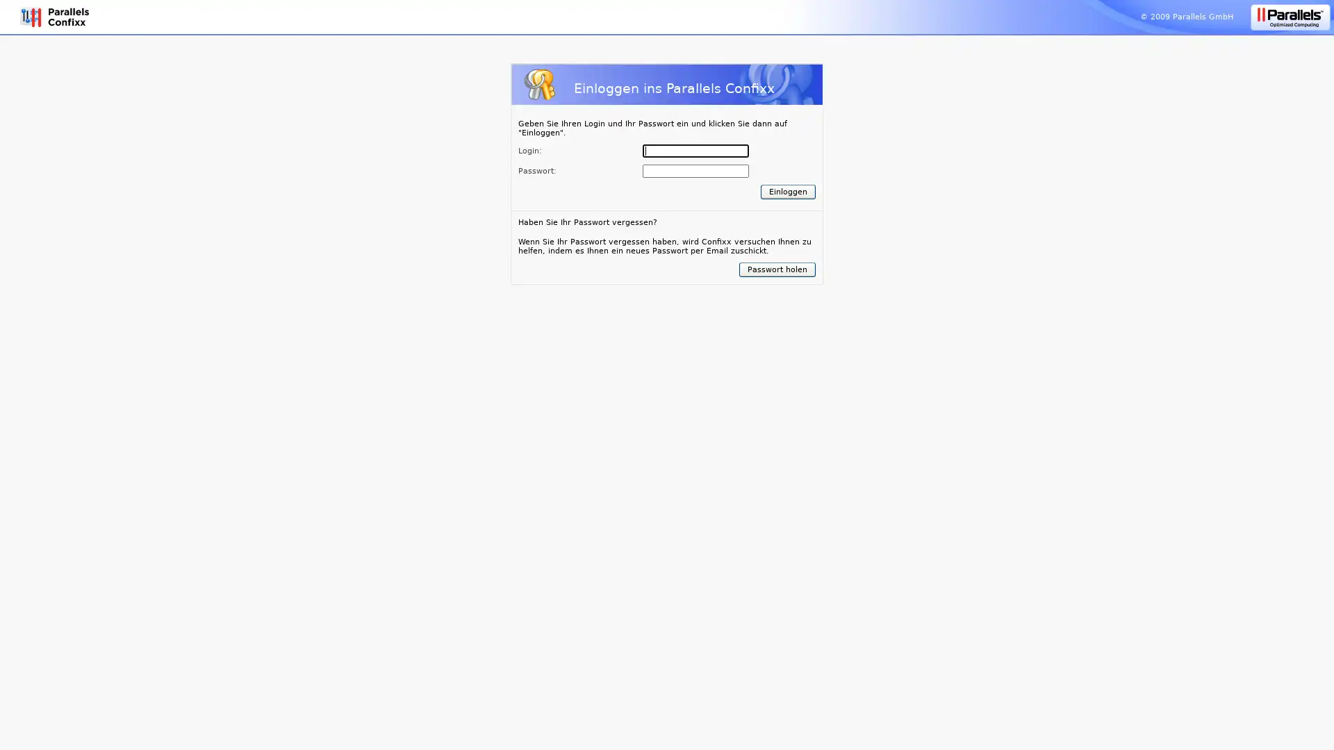 The width and height of the screenshot is (1334, 750). Describe the element at coordinates (811, 192) in the screenshot. I see `Submit` at that location.